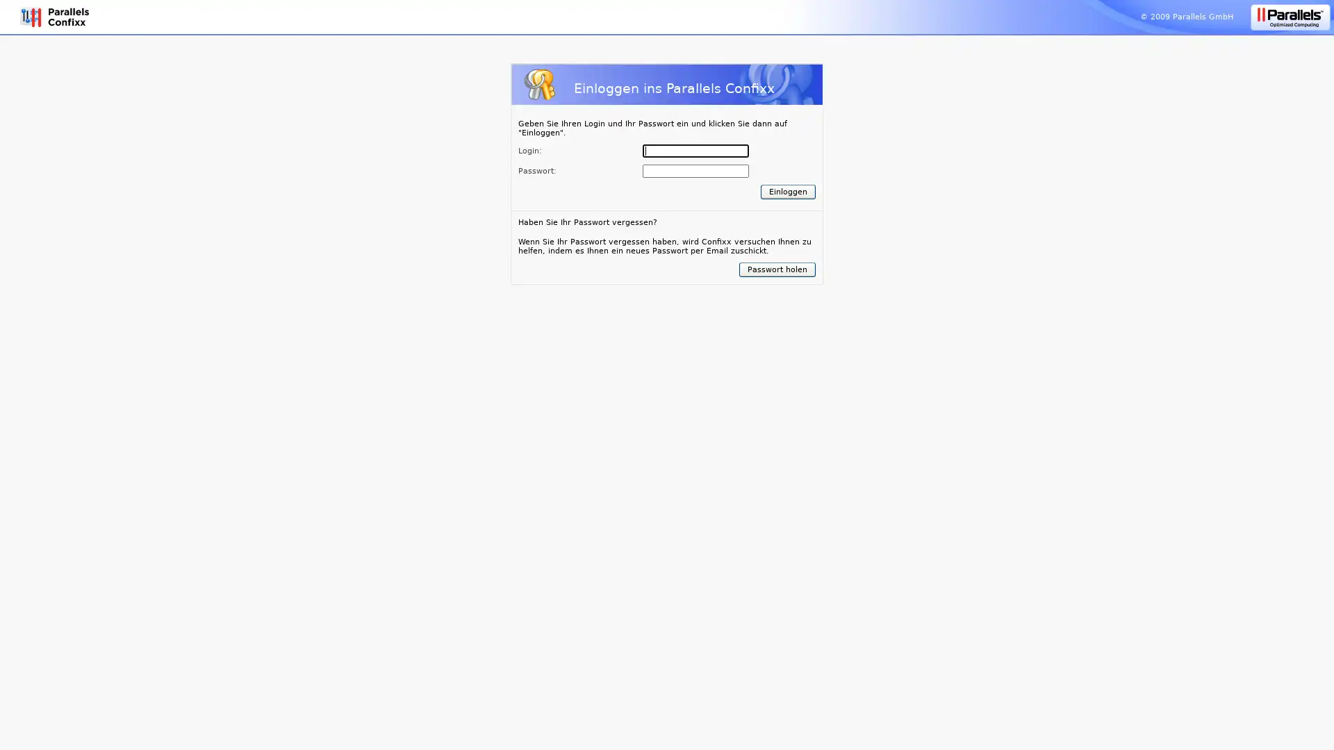 The width and height of the screenshot is (1334, 750). Describe the element at coordinates (811, 192) in the screenshot. I see `Submit` at that location.